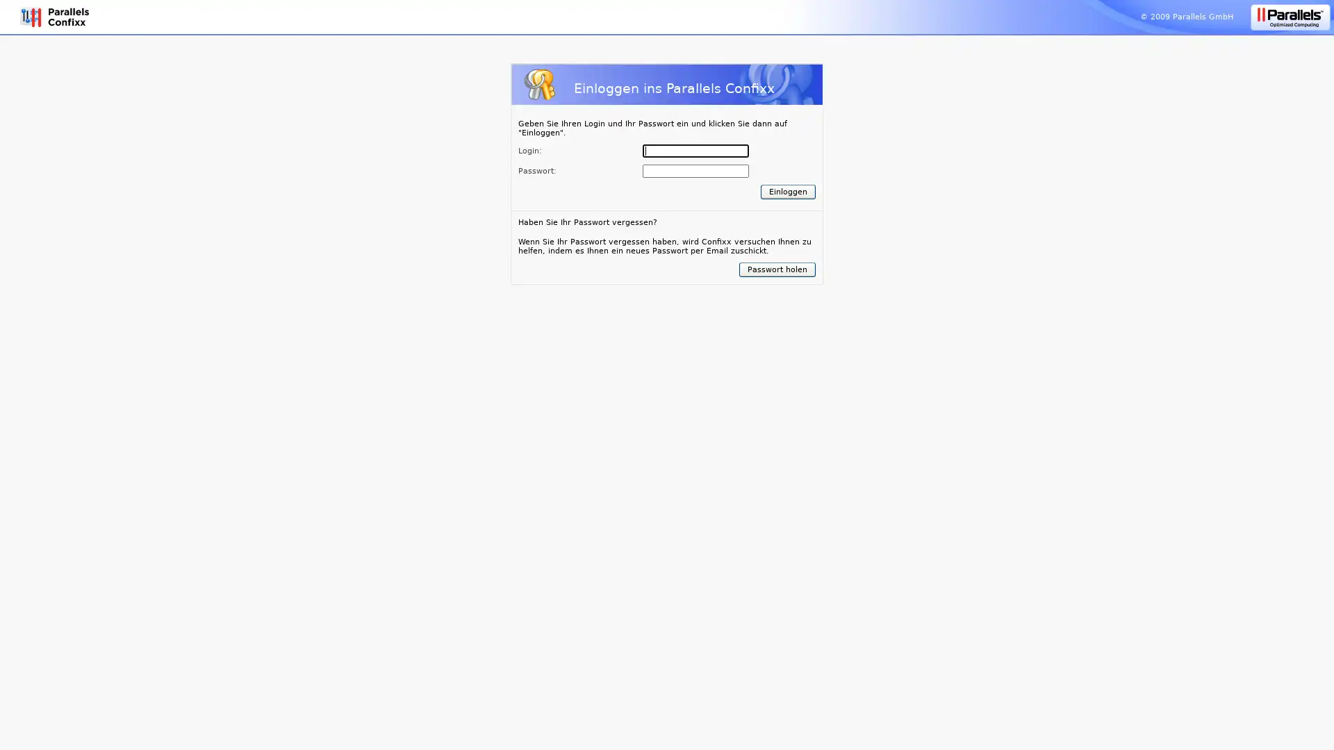 The width and height of the screenshot is (1334, 750). Describe the element at coordinates (811, 192) in the screenshot. I see `Submit` at that location.